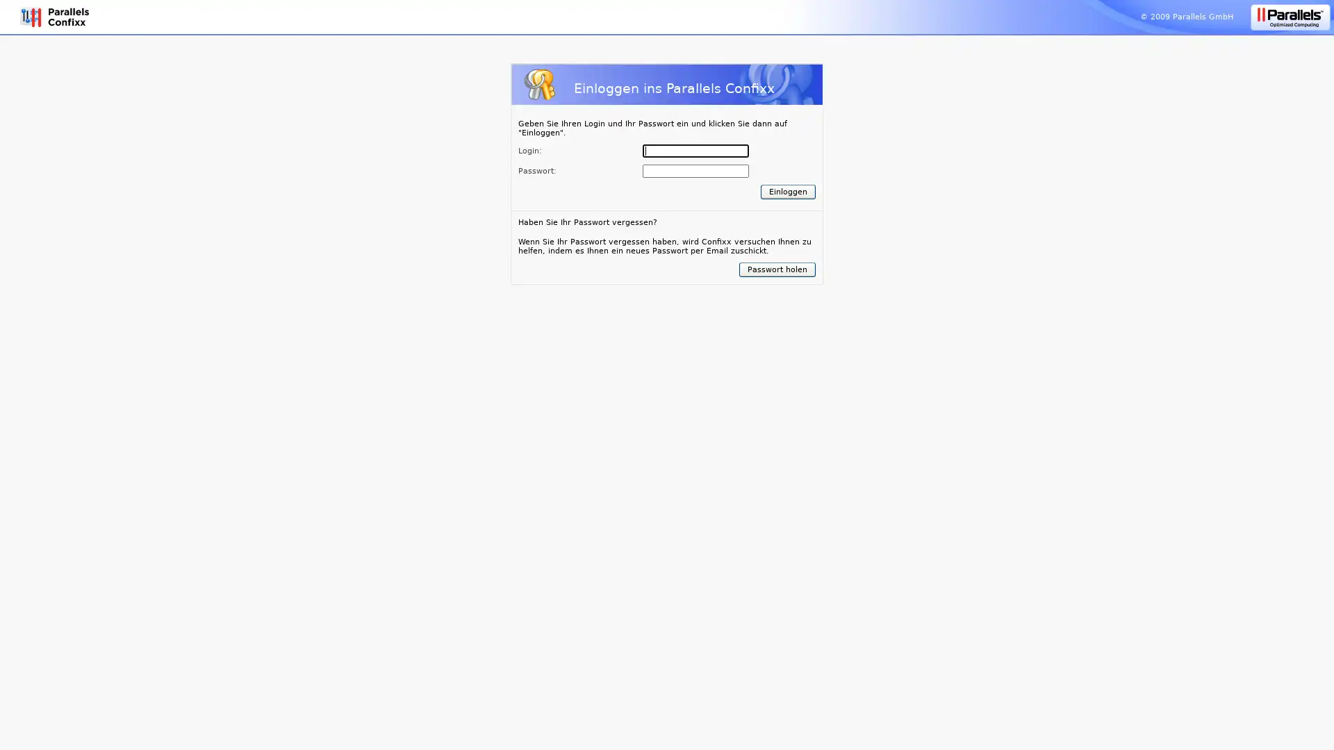 The width and height of the screenshot is (1334, 750). Describe the element at coordinates (811, 192) in the screenshot. I see `Submit` at that location.